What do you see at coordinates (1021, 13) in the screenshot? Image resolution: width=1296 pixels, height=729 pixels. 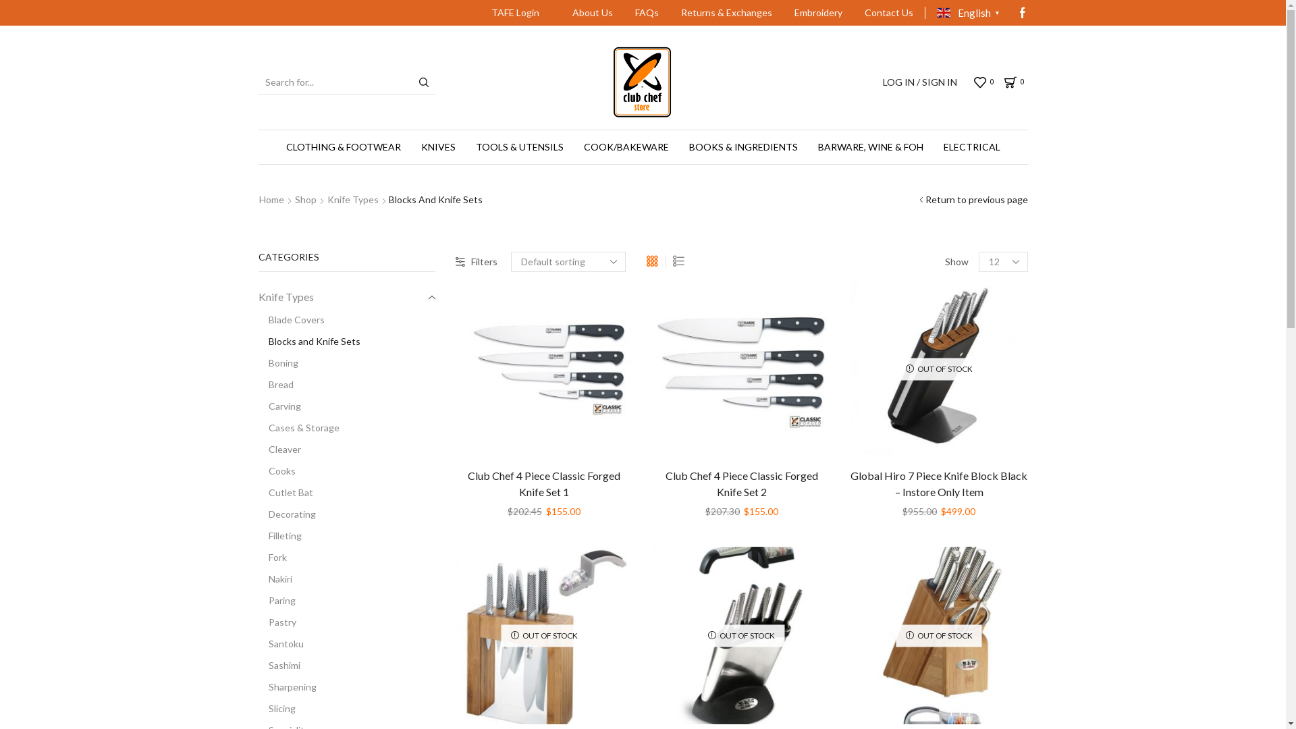 I see `'Facebook'` at bounding box center [1021, 13].